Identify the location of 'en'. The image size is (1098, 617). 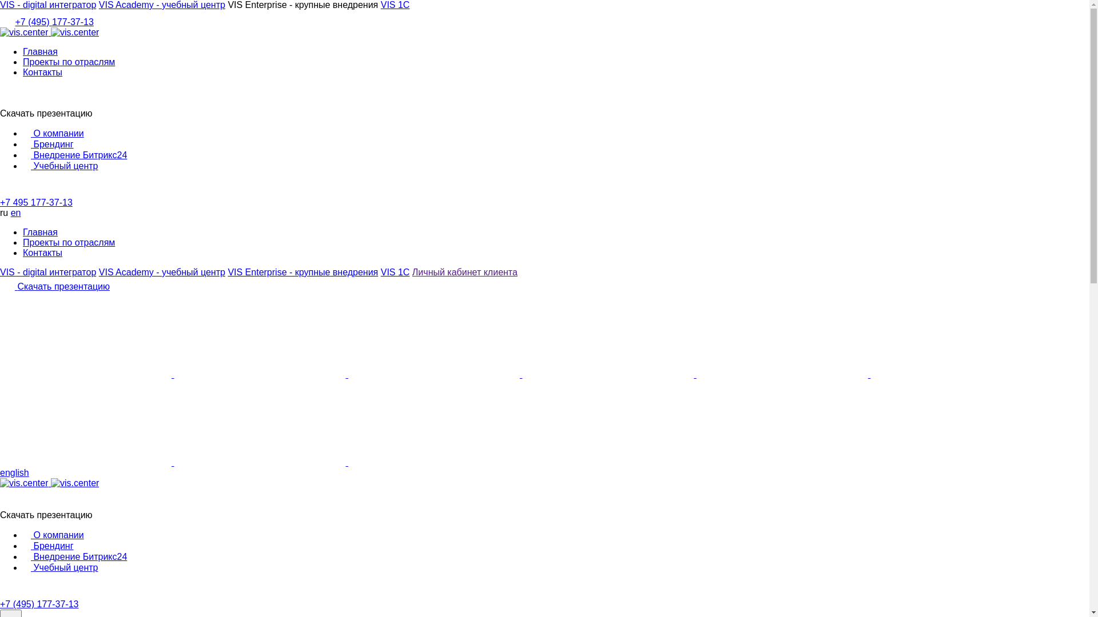
(11, 213).